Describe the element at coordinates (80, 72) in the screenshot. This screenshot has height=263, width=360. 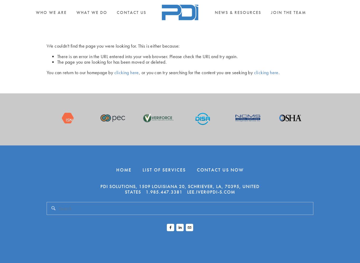
I see `'You can return to our homepage by'` at that location.